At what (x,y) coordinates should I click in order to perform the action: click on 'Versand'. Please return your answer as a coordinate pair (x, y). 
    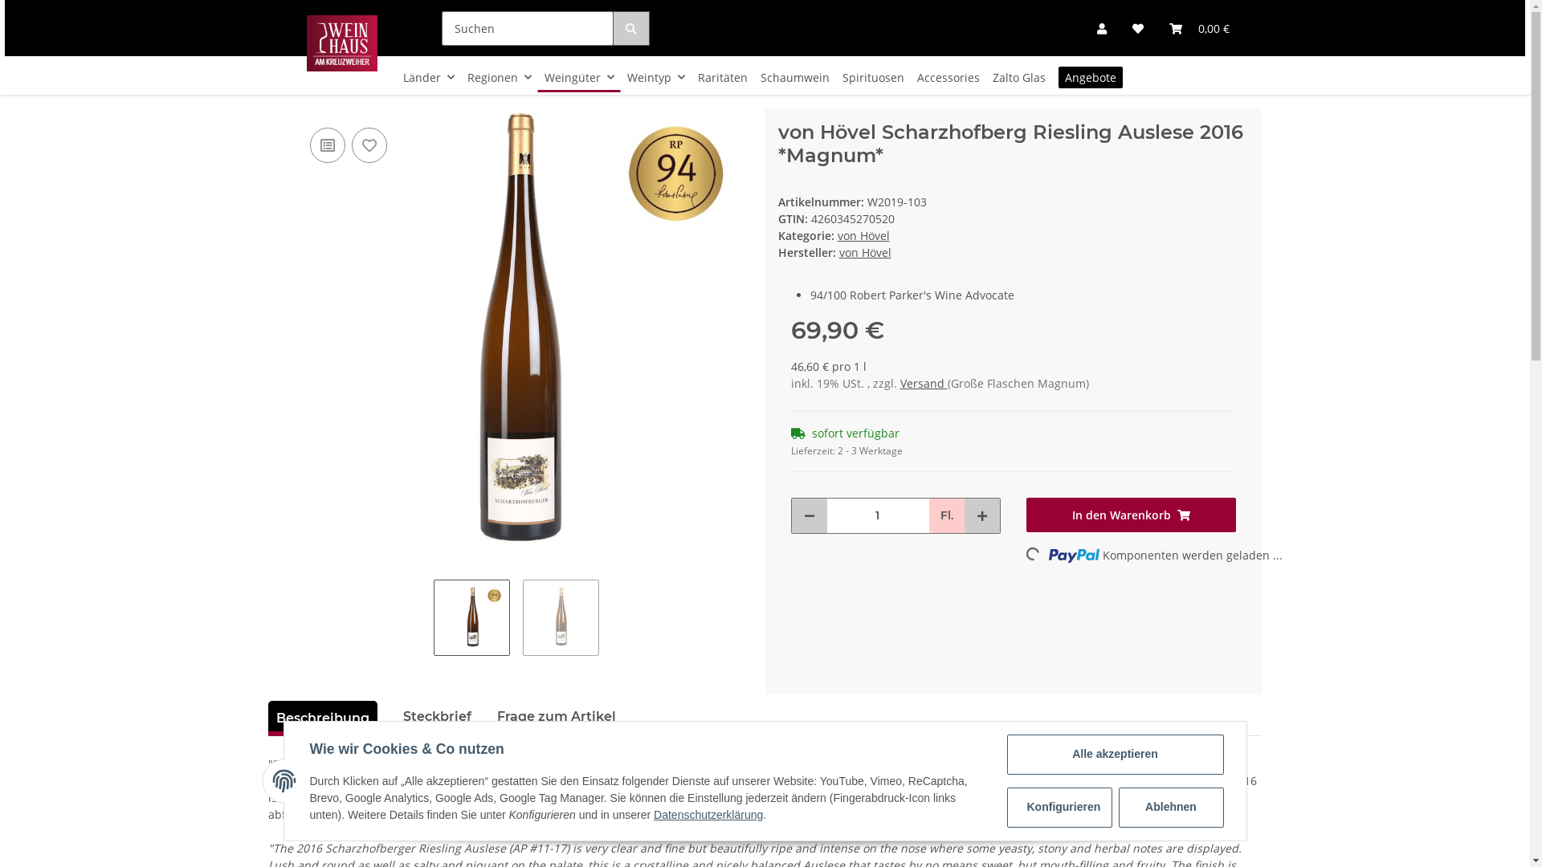
    Looking at the image, I should click on (898, 383).